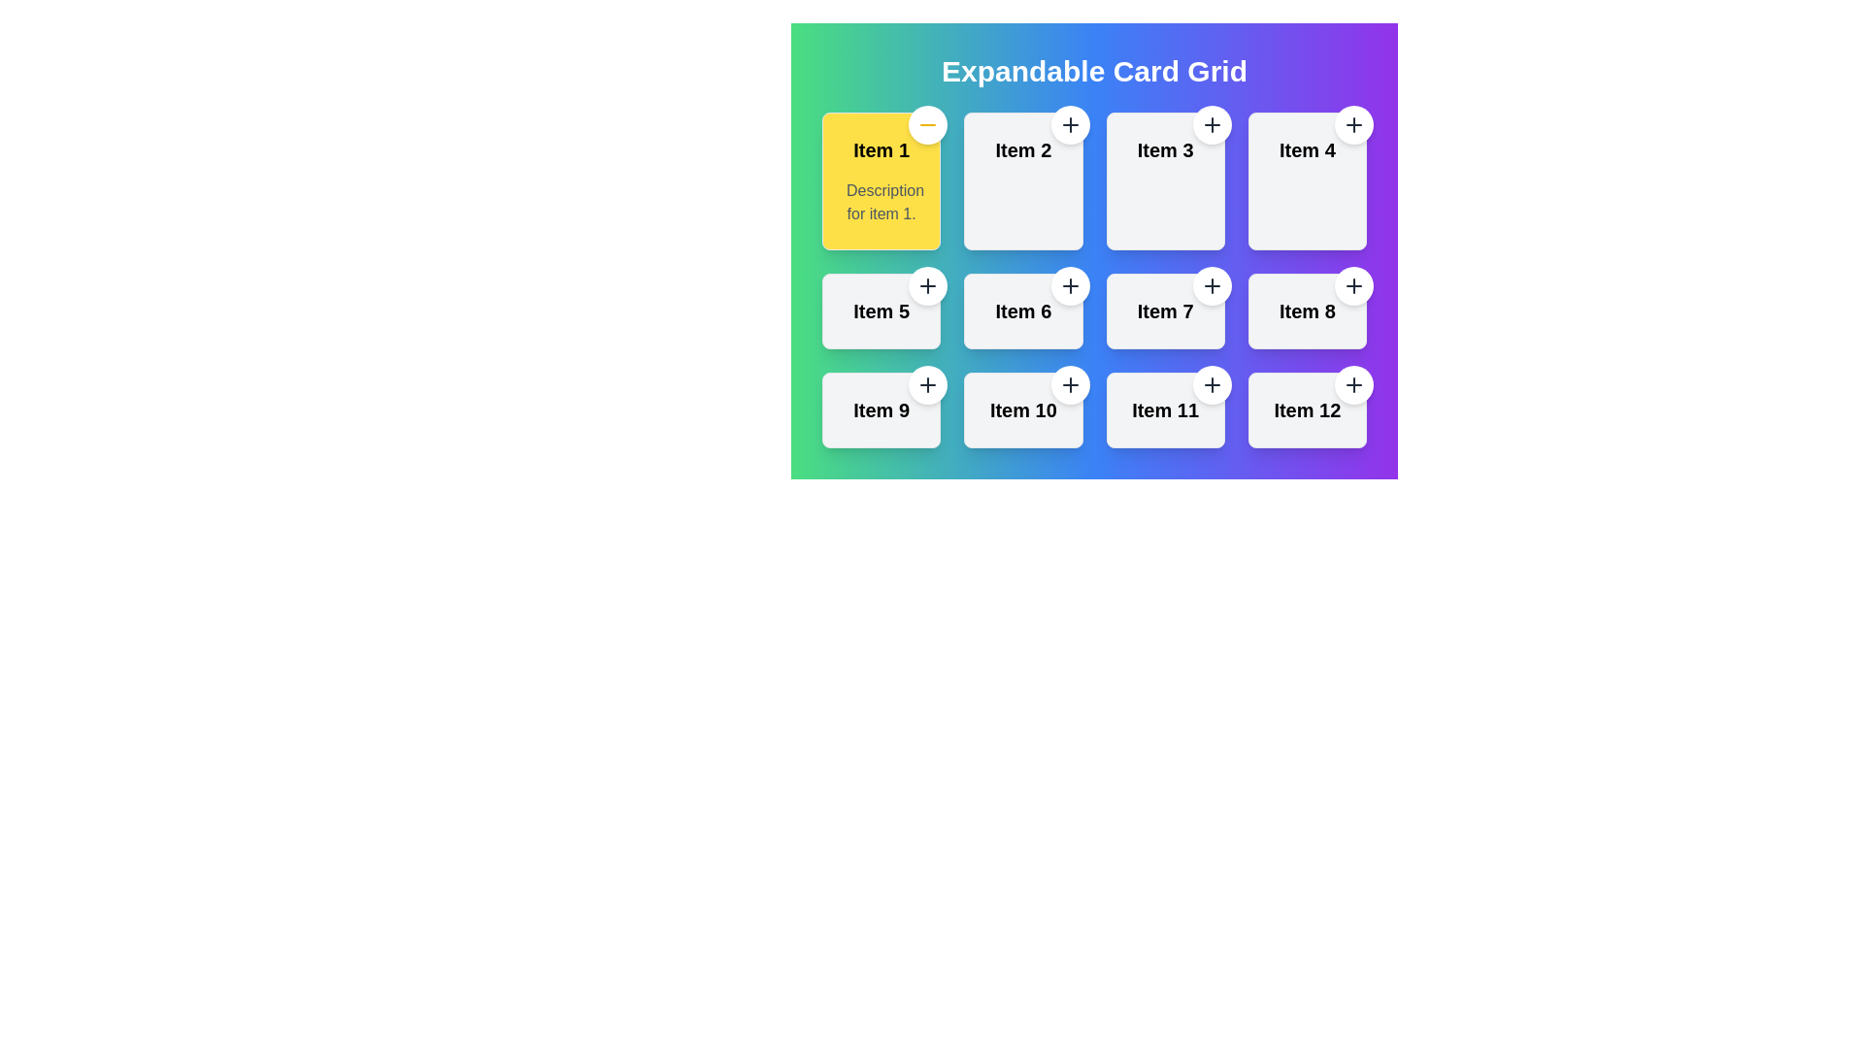  What do you see at coordinates (1211, 124) in the screenshot?
I see `the circular button with an icon located in the top-right corner of the 'Item 3' card` at bounding box center [1211, 124].